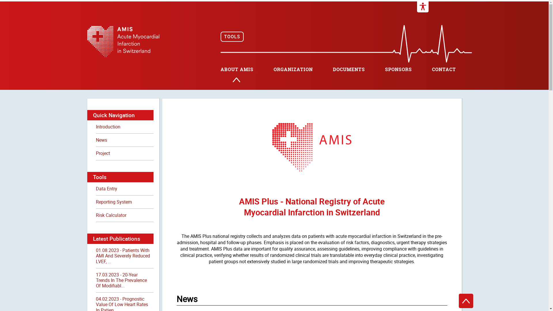  What do you see at coordinates (124, 140) in the screenshot?
I see `'News'` at bounding box center [124, 140].